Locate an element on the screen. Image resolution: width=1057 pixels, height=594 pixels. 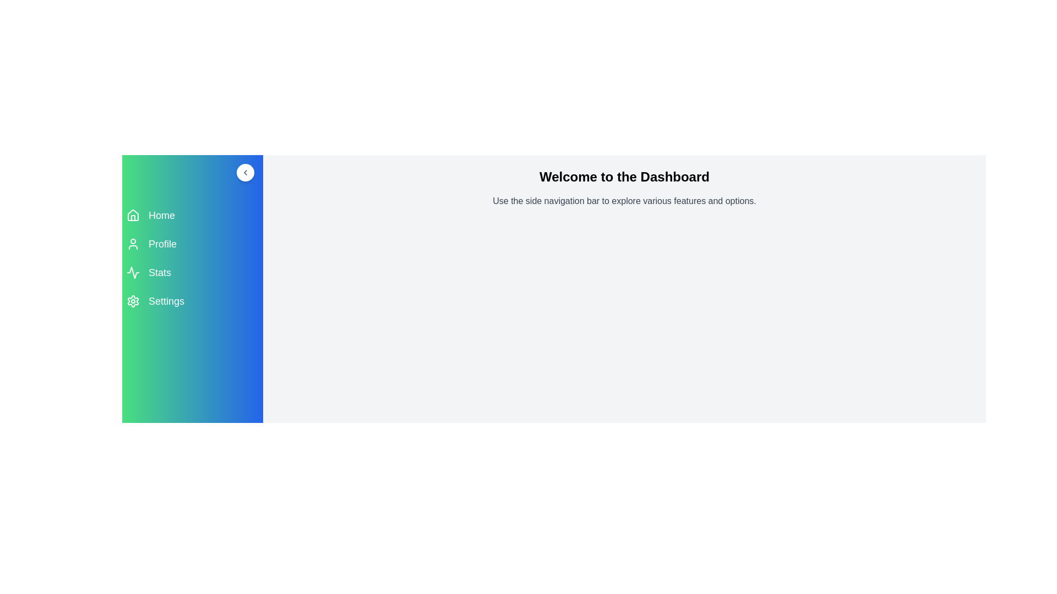
the user-shaped icon representing 'Profile' is located at coordinates (132, 243).